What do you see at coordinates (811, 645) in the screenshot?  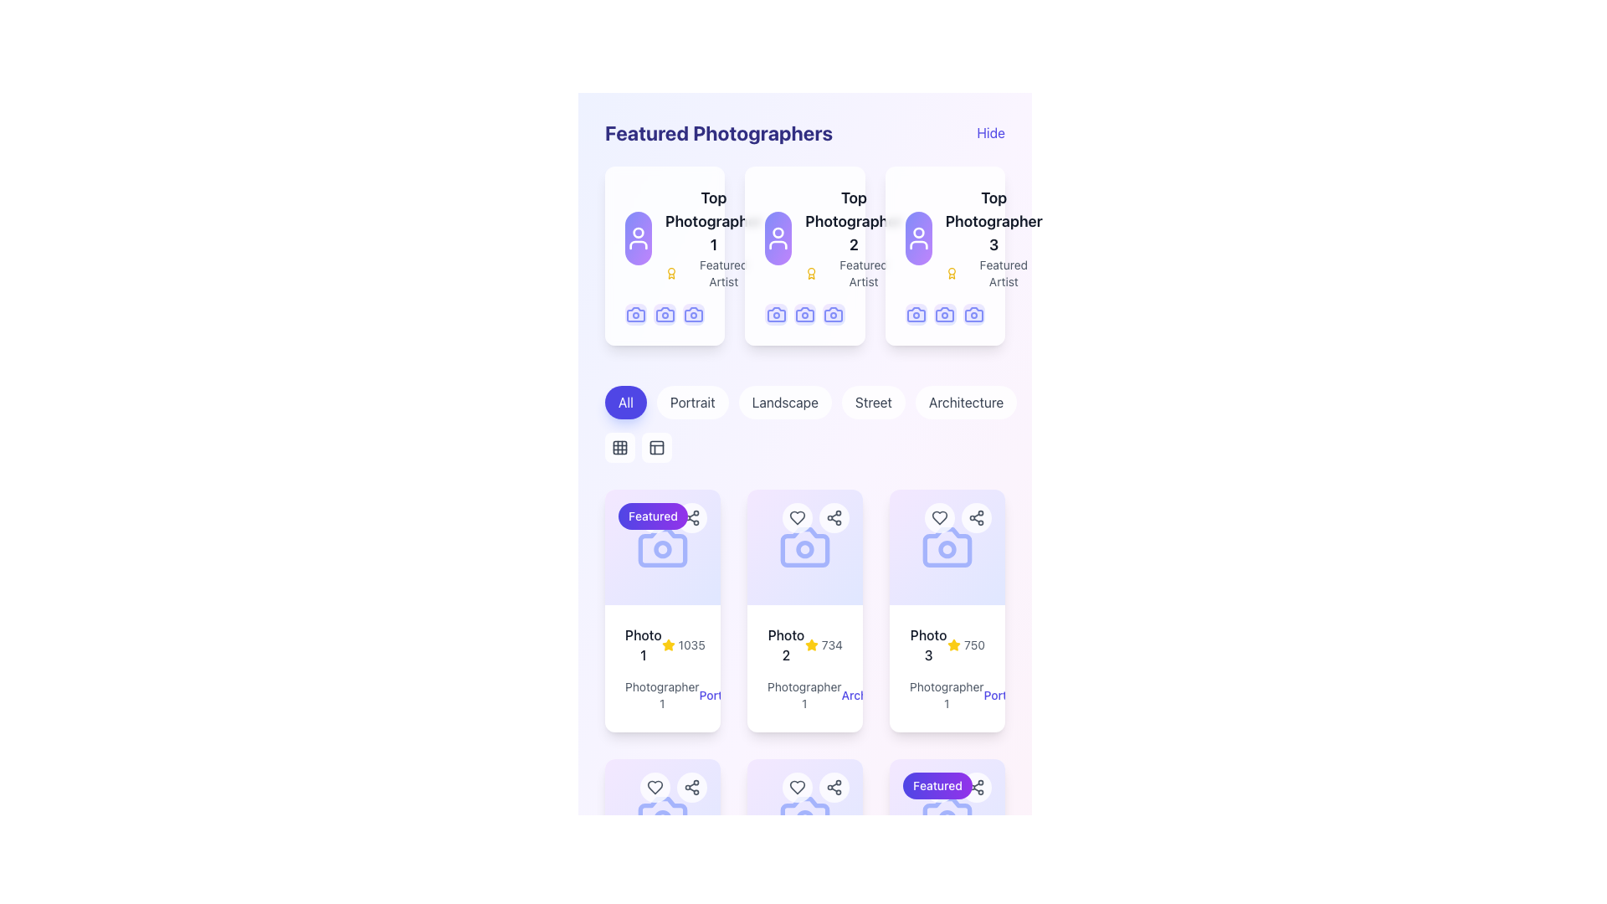 I see `the rating icon located to the left of the numeric label '734' in the second column of the photo cards in the second row` at bounding box center [811, 645].